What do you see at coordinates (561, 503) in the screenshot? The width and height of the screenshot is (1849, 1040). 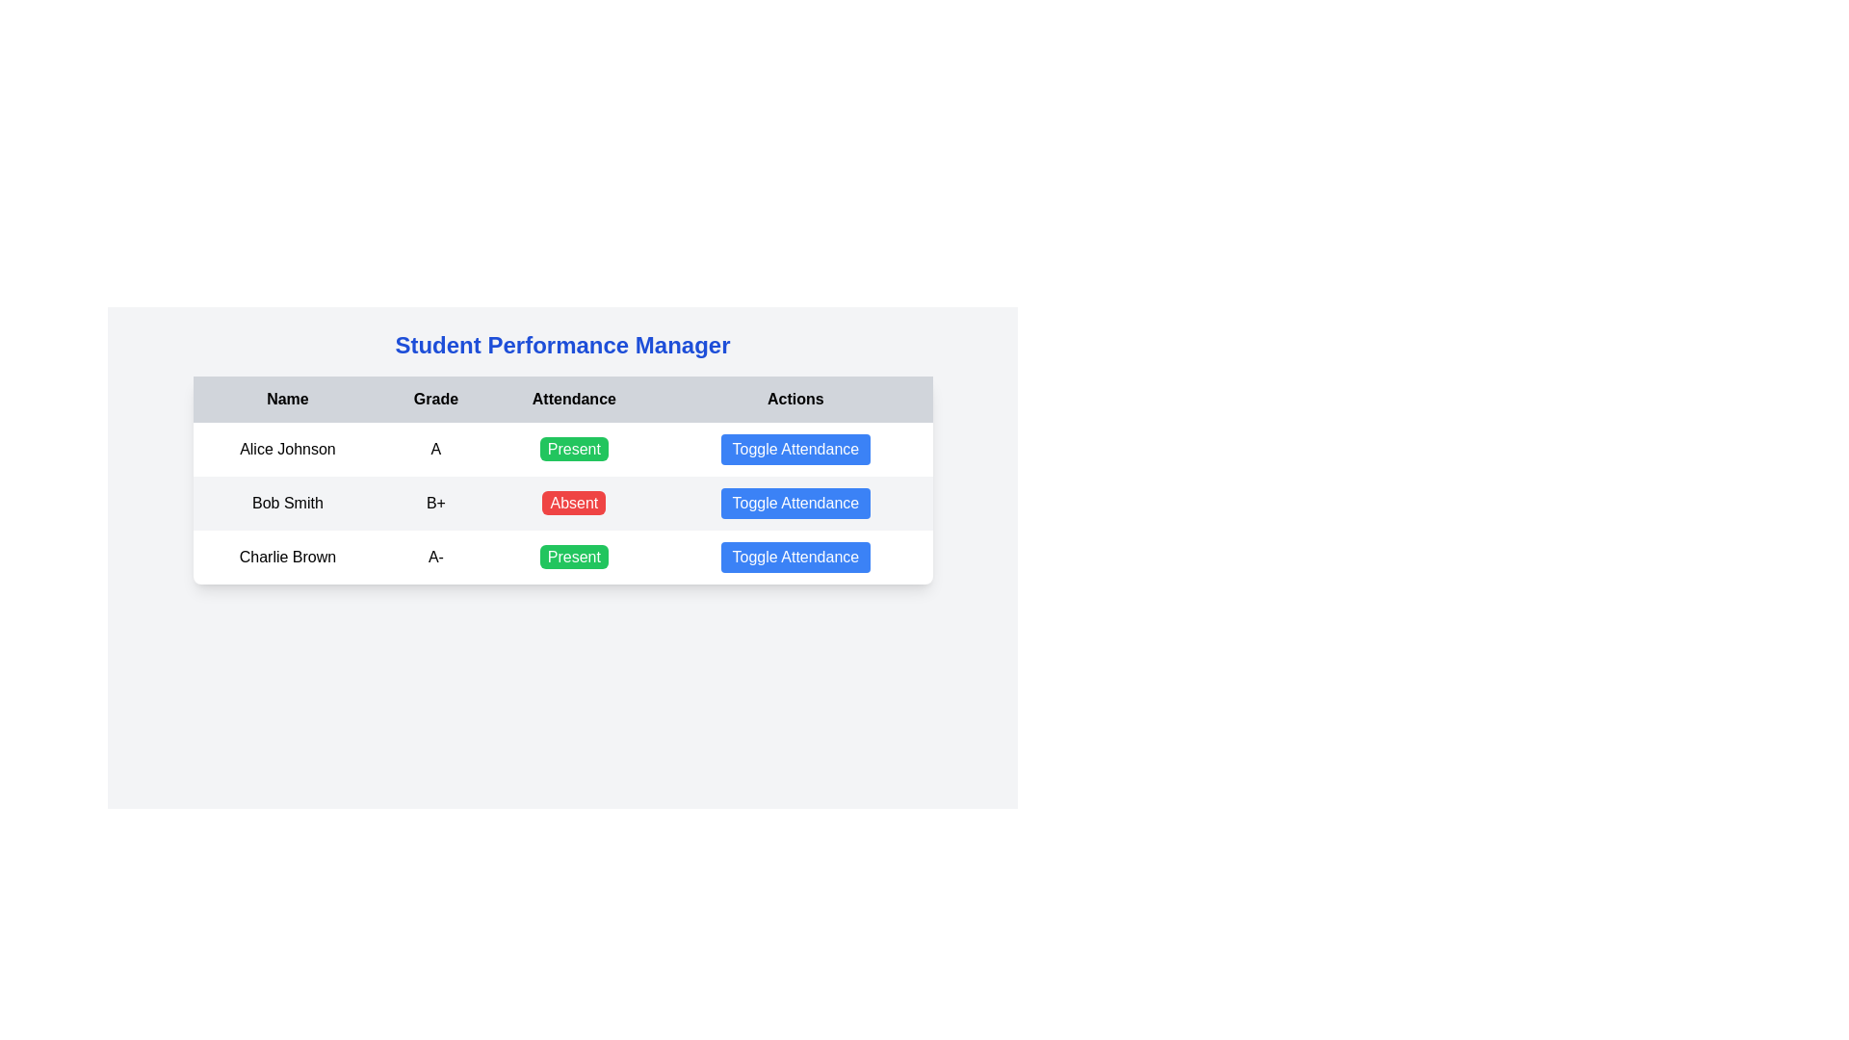 I see `text information from the second row of the student performance table, which contains details about 'Bob Smith' including name, grade, and attendance status` at bounding box center [561, 503].